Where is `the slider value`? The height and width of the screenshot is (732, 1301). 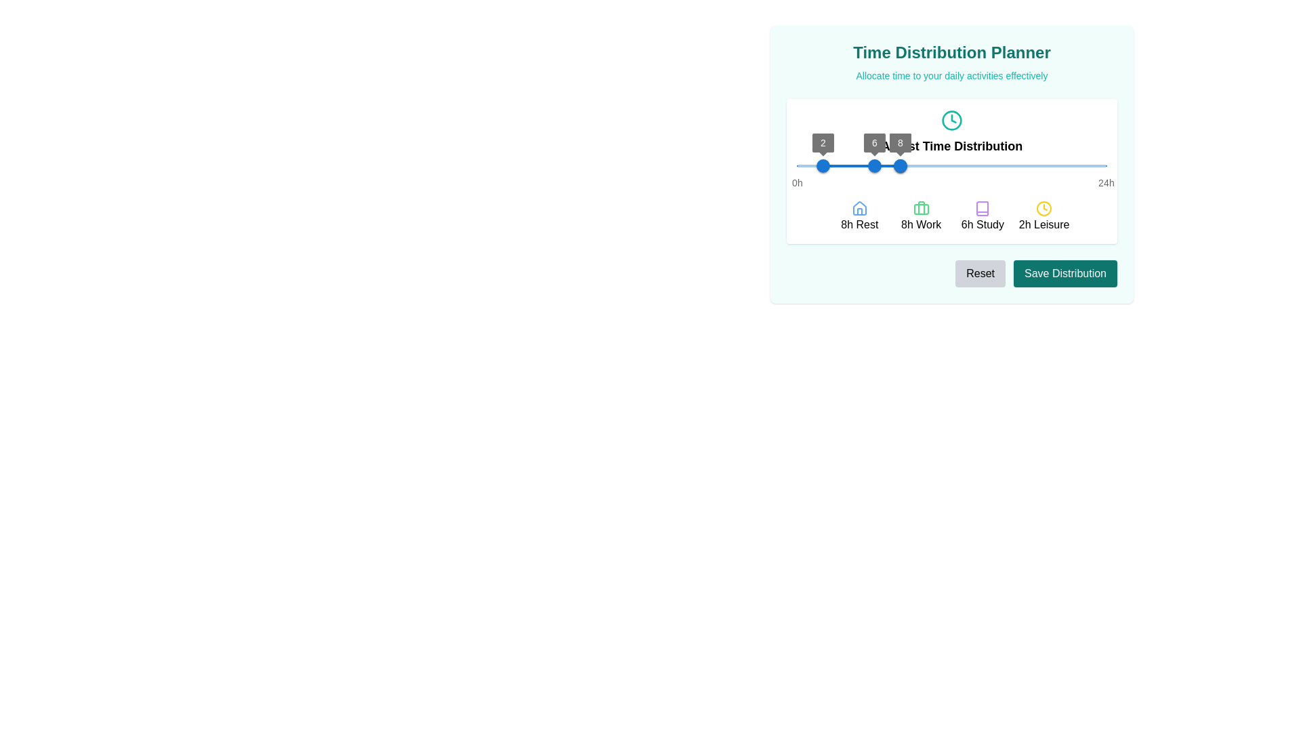 the slider value is located at coordinates (790, 165).